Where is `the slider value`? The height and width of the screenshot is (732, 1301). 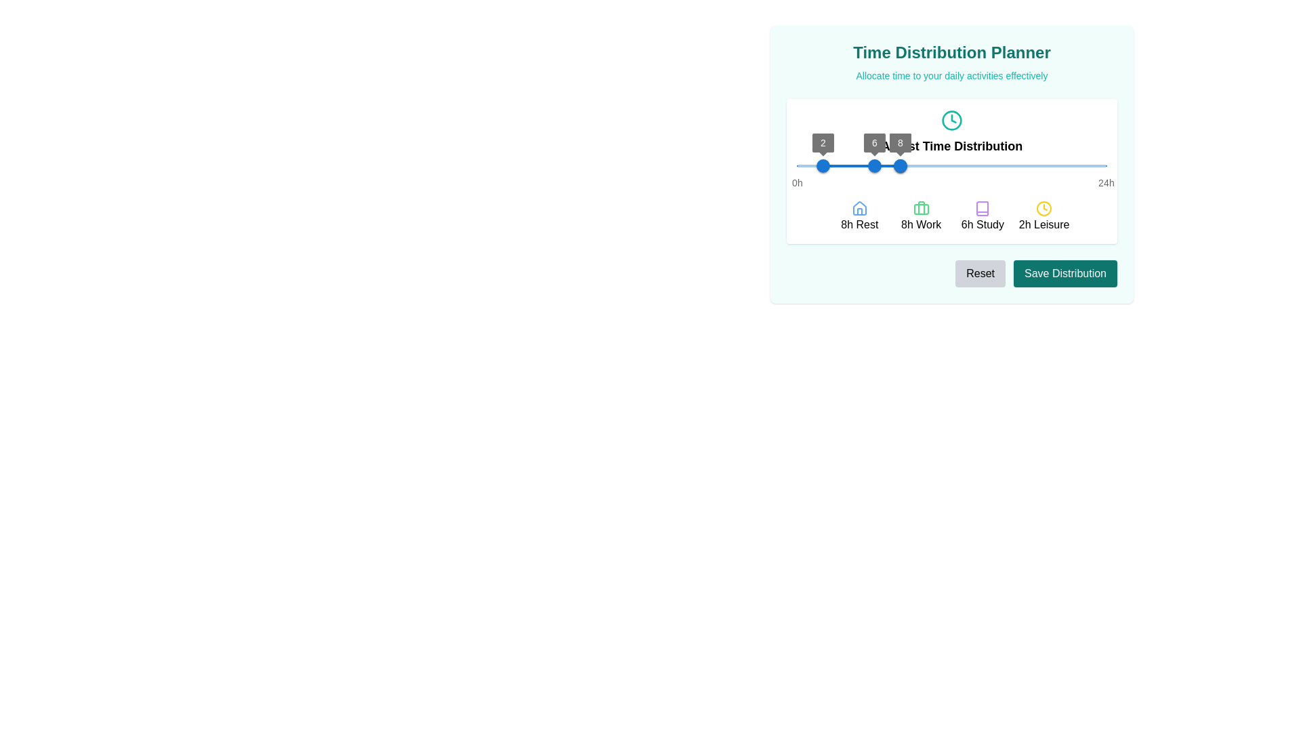 the slider value is located at coordinates (790, 165).